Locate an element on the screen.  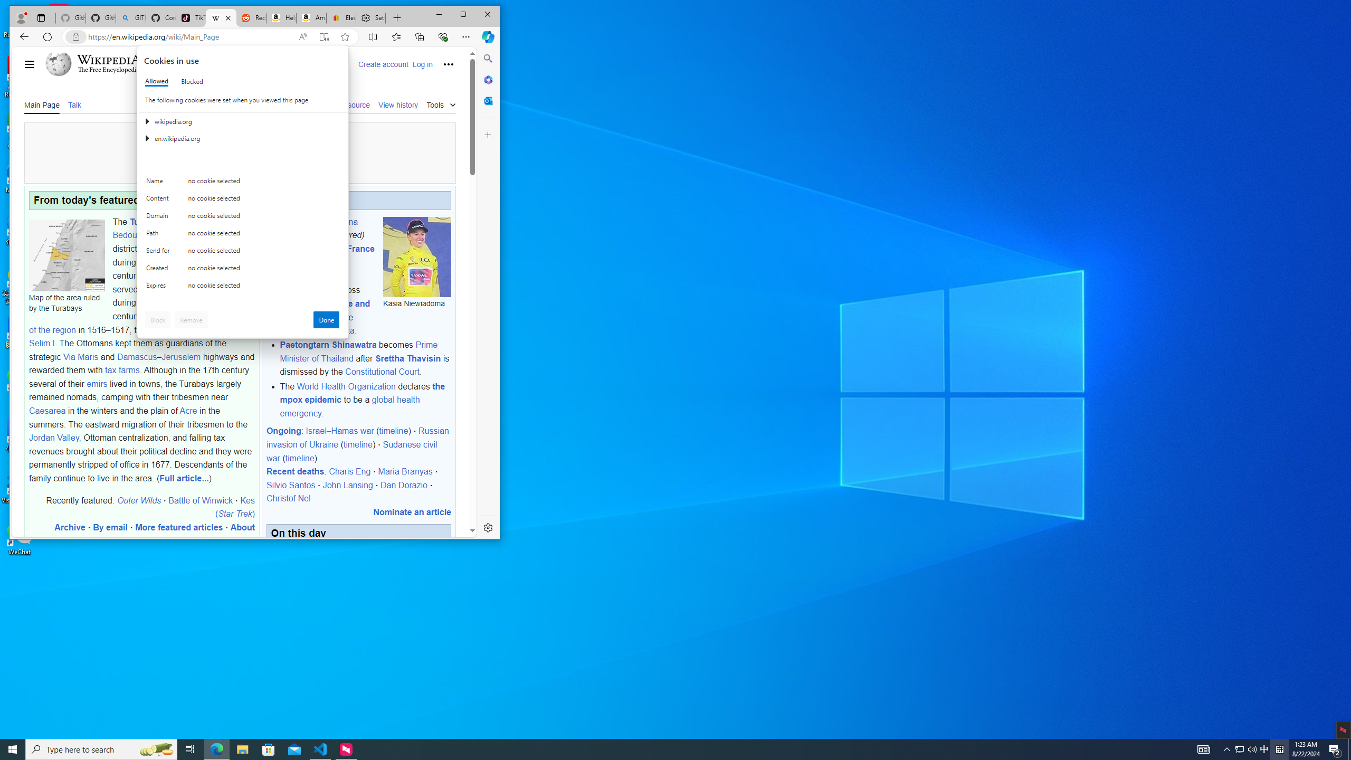
'Type here to search' is located at coordinates (101, 748).